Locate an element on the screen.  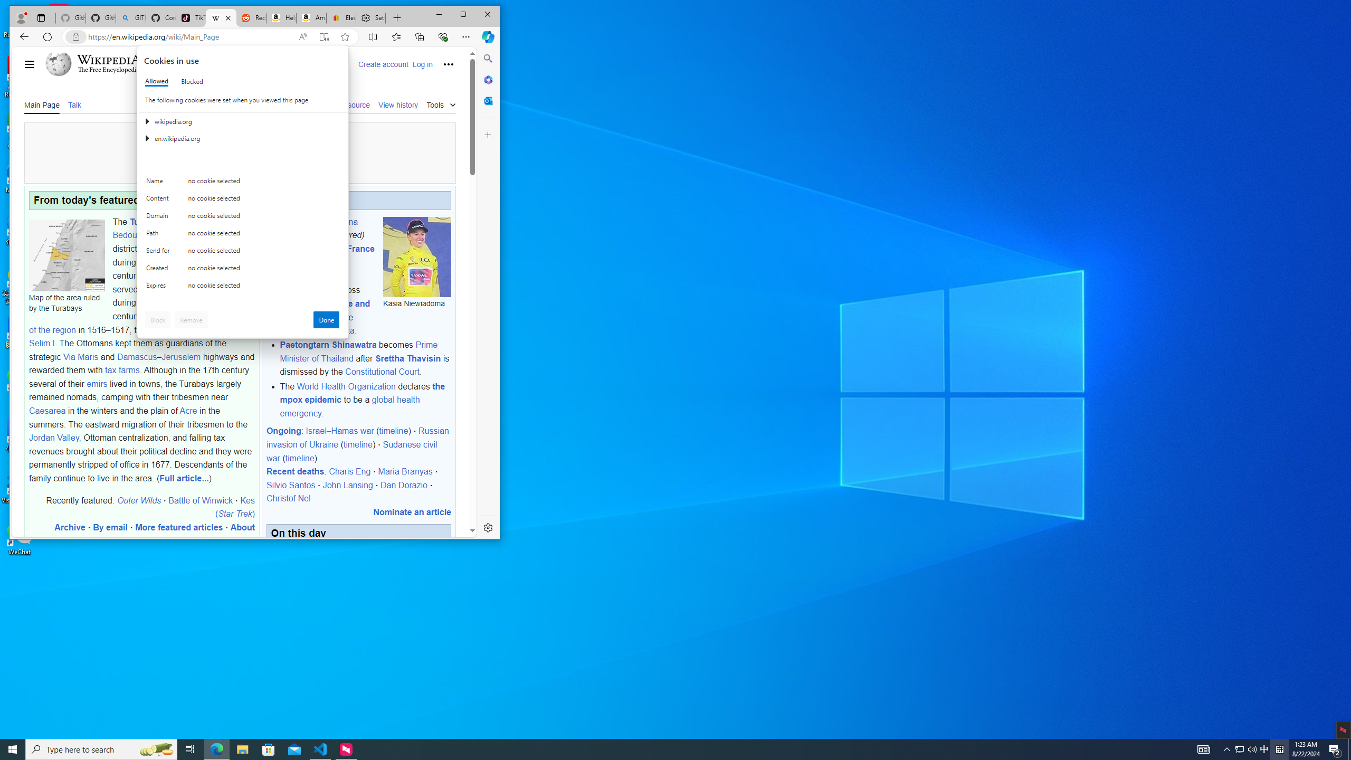
'Type here to search' is located at coordinates (101, 748).